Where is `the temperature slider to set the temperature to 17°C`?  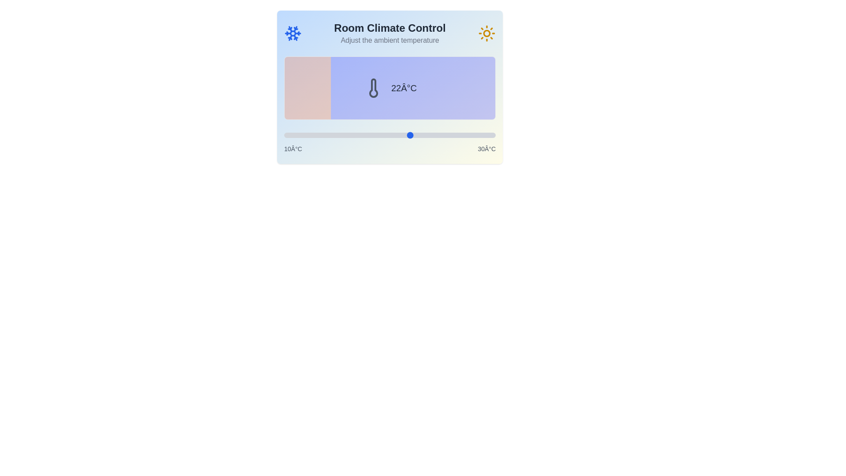 the temperature slider to set the temperature to 17°C is located at coordinates (358, 135).